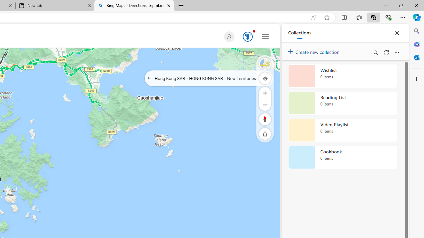  I want to click on 'Reset to Default Rotation', so click(265, 119).